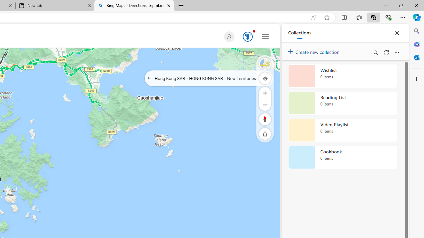  I want to click on 'Reset to Default Rotation', so click(265, 119).